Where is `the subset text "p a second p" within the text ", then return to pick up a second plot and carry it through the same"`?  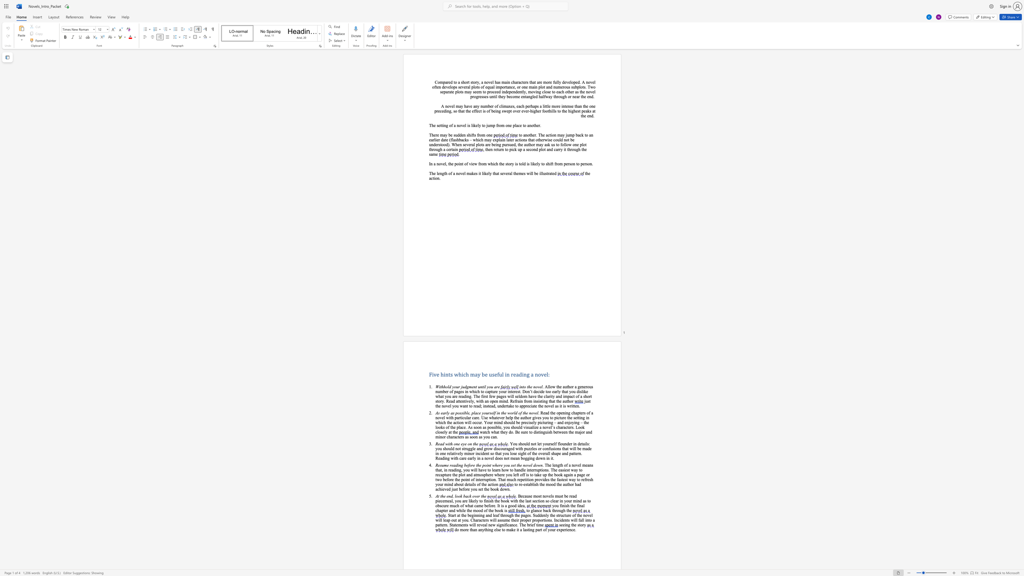 the subset text "p a second p" within the text ", then return to pick up a second plot and carry it through the same" is located at coordinates (520, 149).